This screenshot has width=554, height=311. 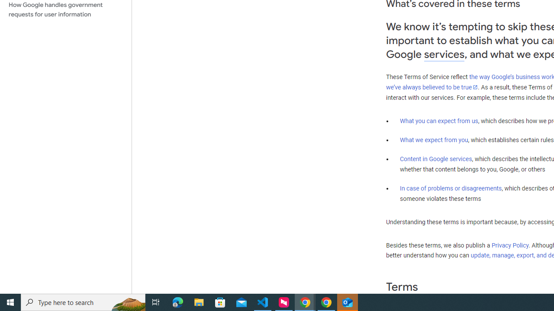 I want to click on 'services', so click(x=444, y=54).